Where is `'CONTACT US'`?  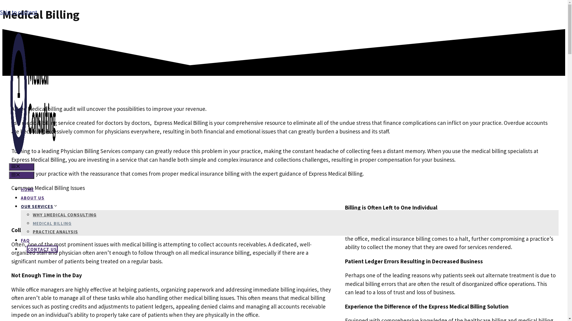
'CONTACT US' is located at coordinates (42, 249).